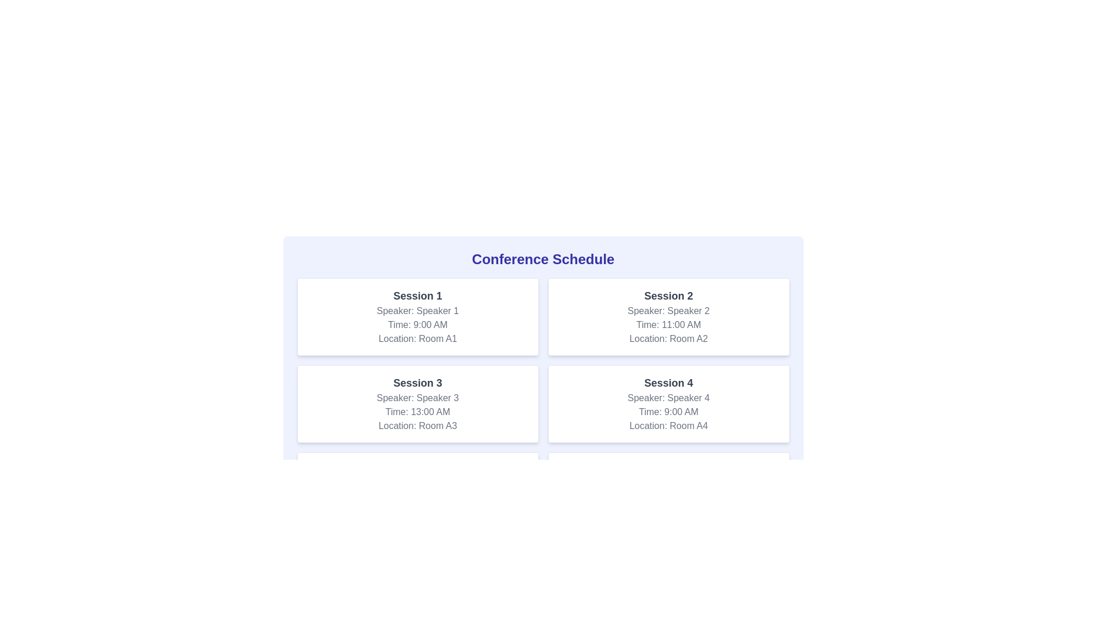 Image resolution: width=1115 pixels, height=627 pixels. Describe the element at coordinates (668, 317) in the screenshot. I see `the second information card in the grid layout that displays session details to interact with it` at that location.